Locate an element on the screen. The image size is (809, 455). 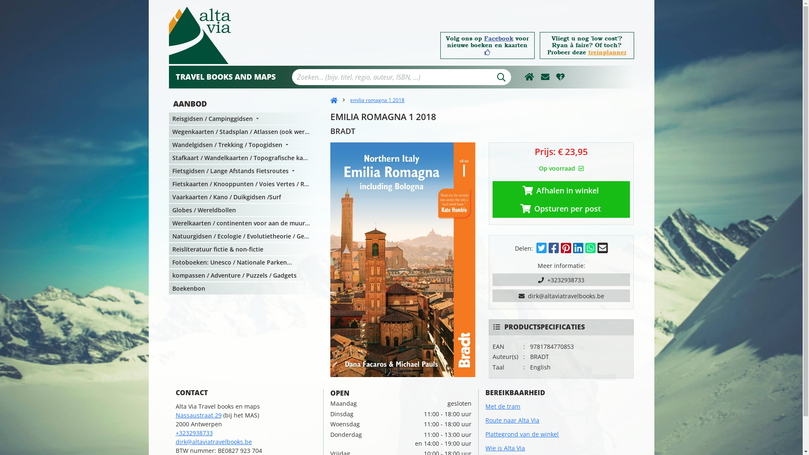
'Wegenkaarten / Stadsplan / Atlassen (ook wereldatlassen )' is located at coordinates (242, 131).